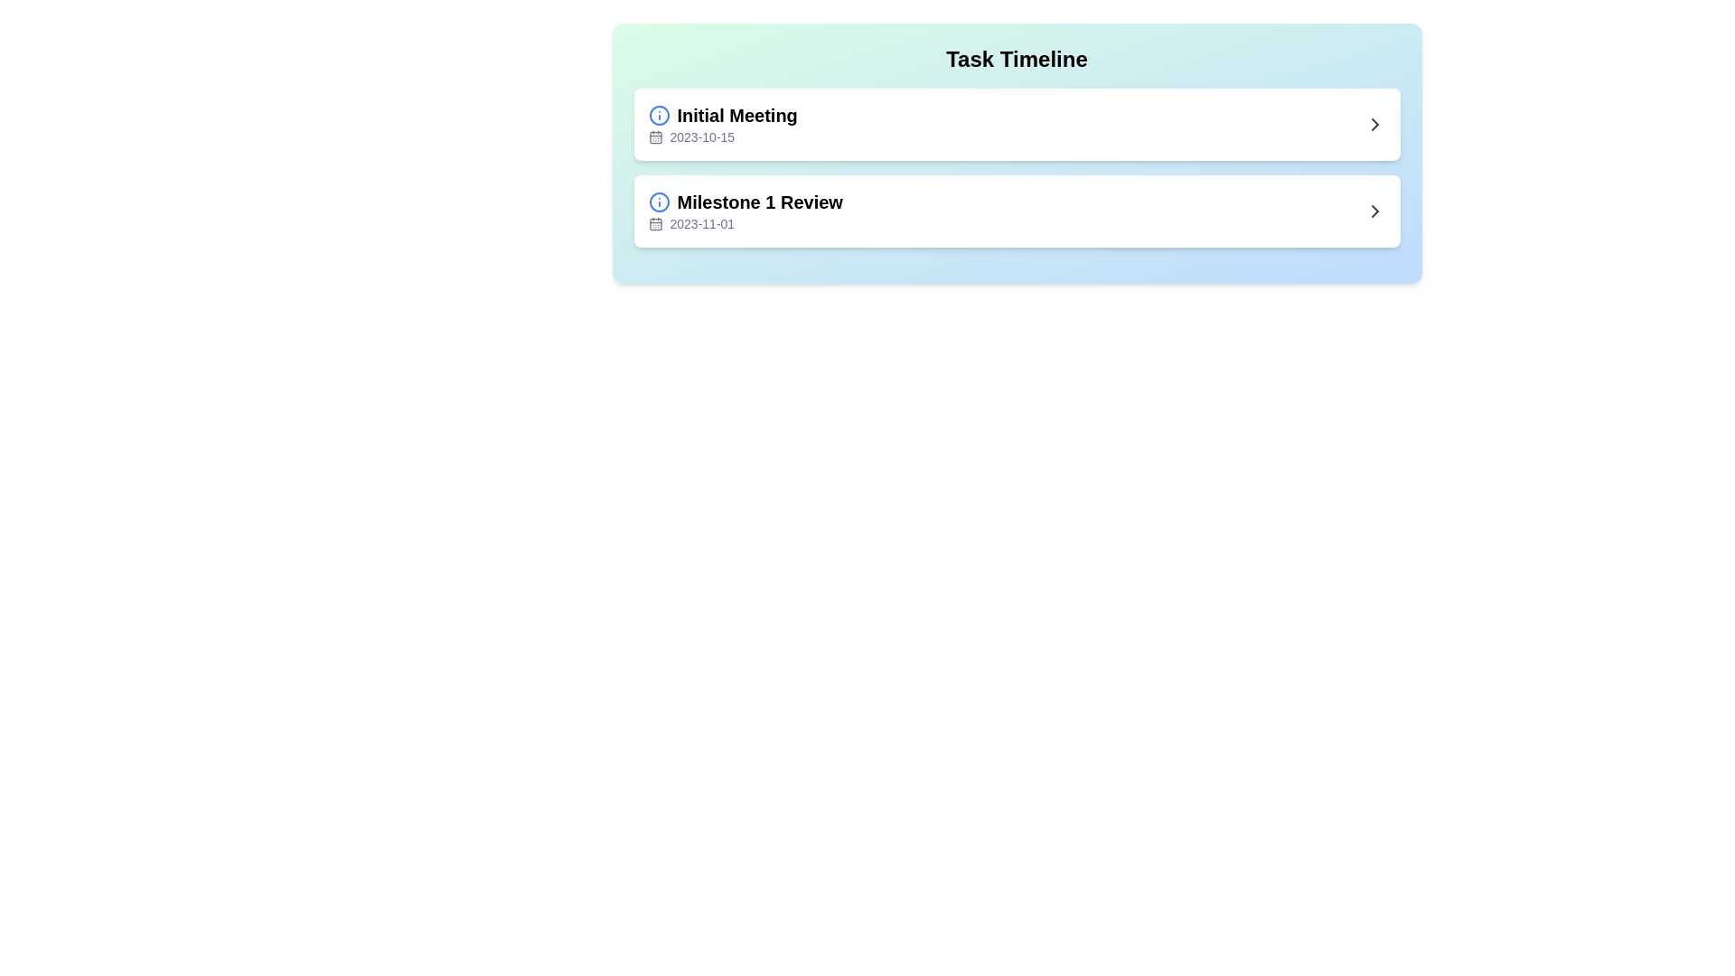 The height and width of the screenshot is (976, 1735). I want to click on the minimalist calendar icon located to the left of the date '2023-10-15' within the first item of the task list titled 'Initial Meeting', so click(654, 136).